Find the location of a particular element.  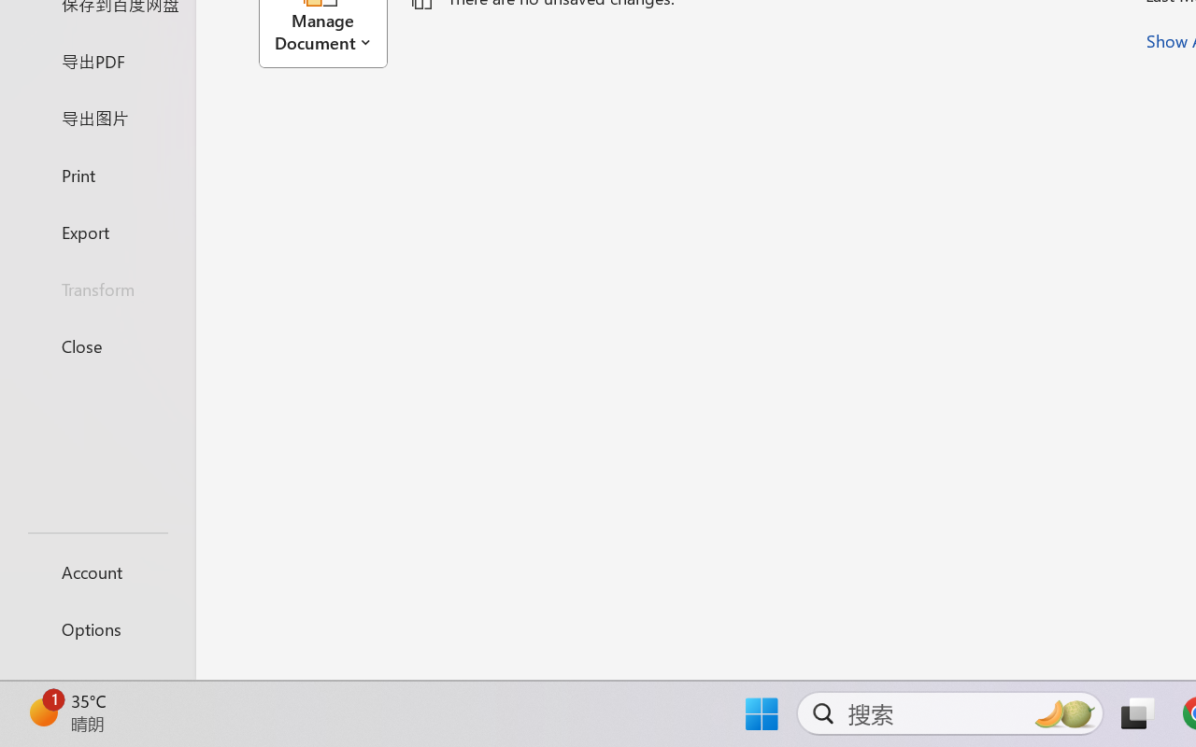

'Print' is located at coordinates (96, 174).